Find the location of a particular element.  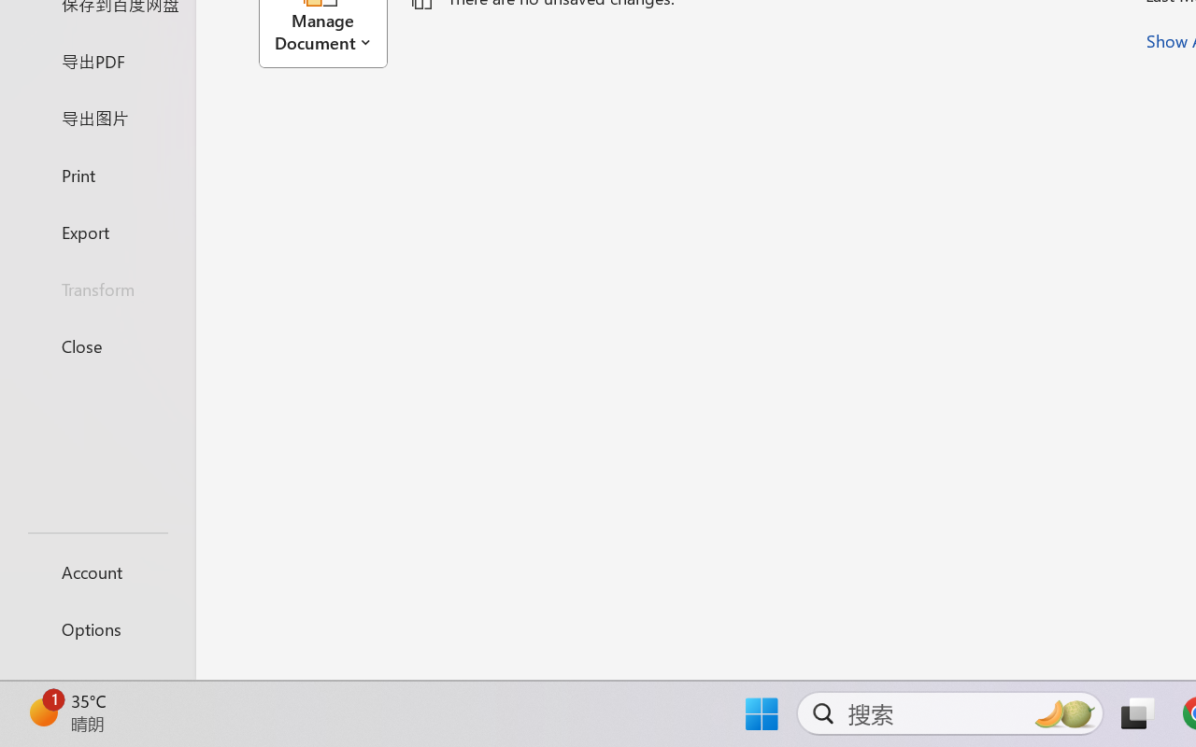

'Print' is located at coordinates (96, 174).